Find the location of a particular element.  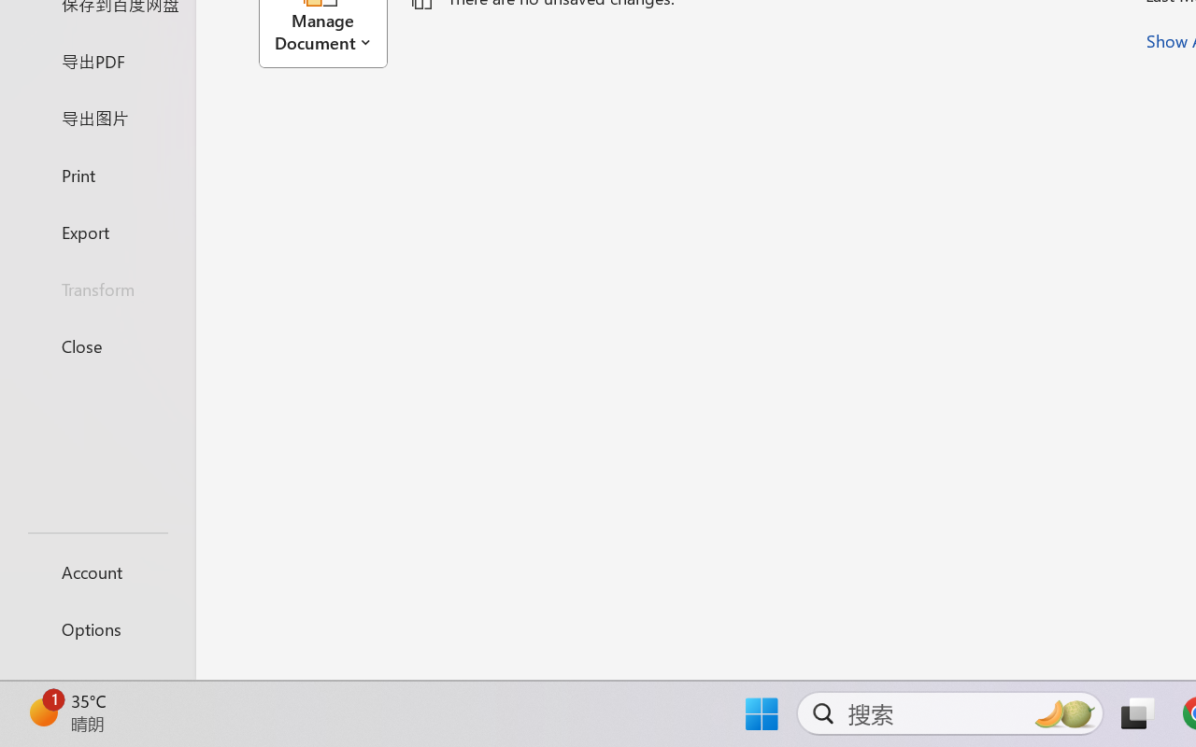

'Print' is located at coordinates (96, 174).